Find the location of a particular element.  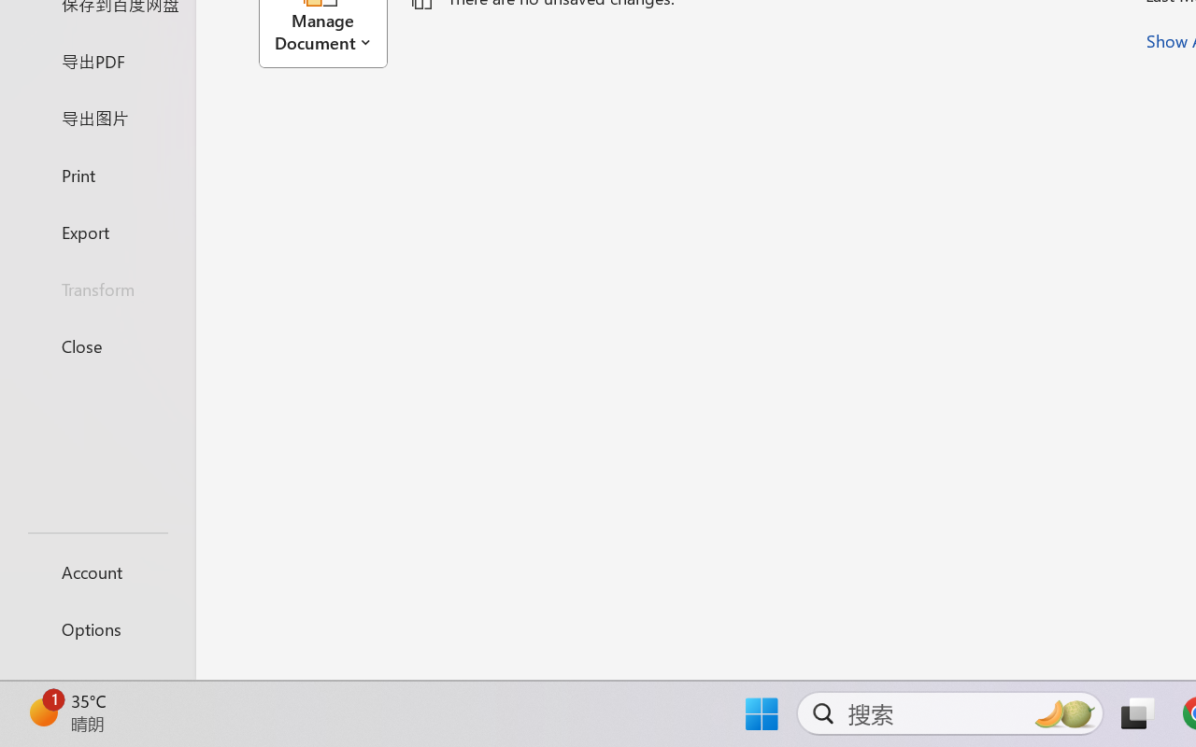

'Print' is located at coordinates (96, 174).